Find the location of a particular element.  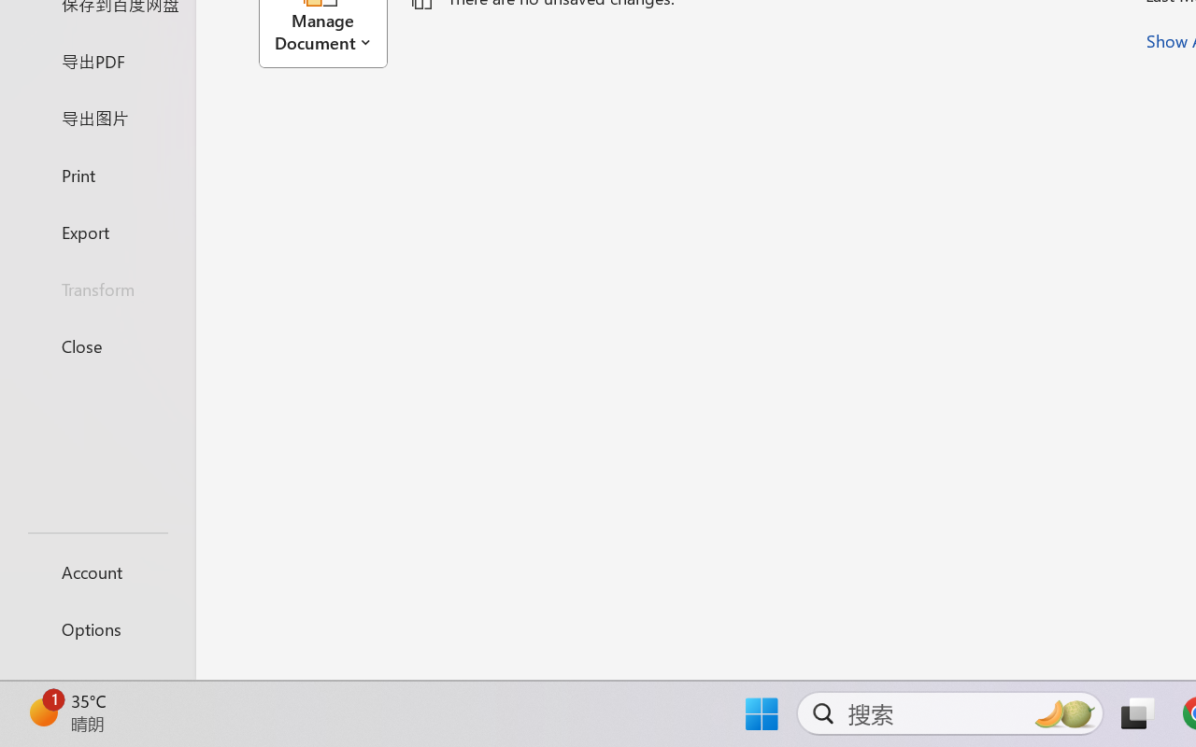

'Print' is located at coordinates (96, 174).